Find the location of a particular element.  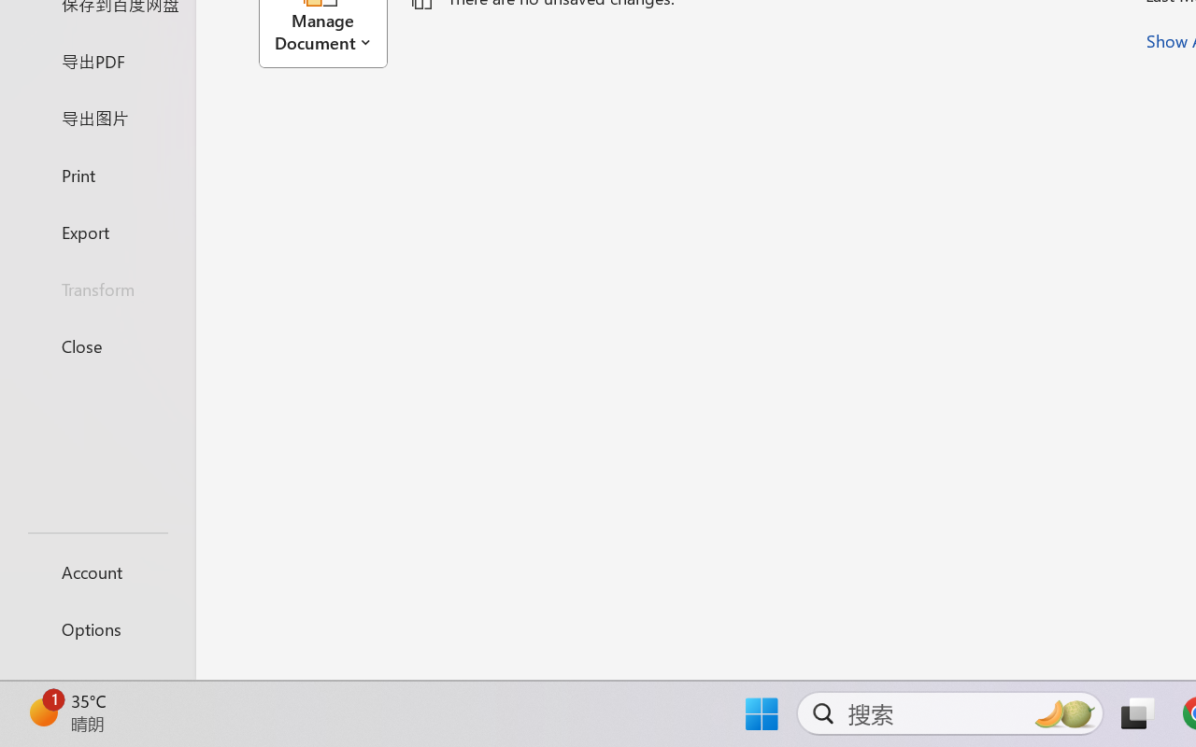

'Print' is located at coordinates (96, 174).